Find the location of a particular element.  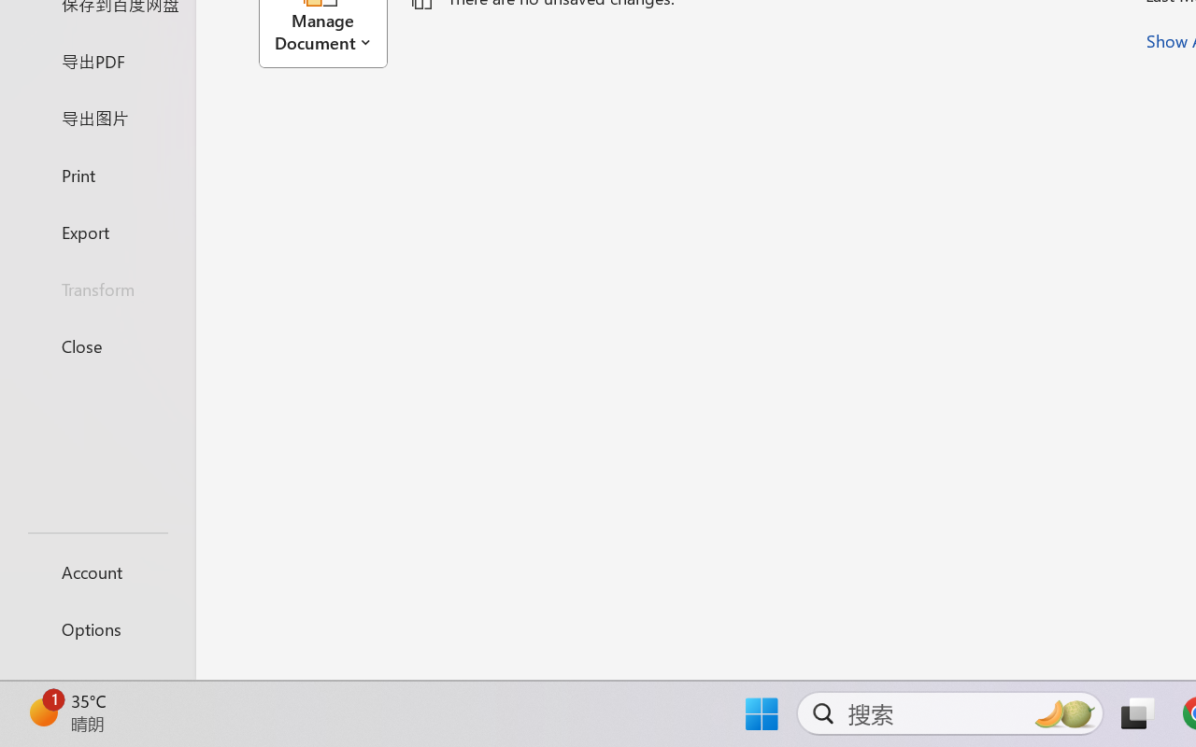

'Print' is located at coordinates (96, 174).